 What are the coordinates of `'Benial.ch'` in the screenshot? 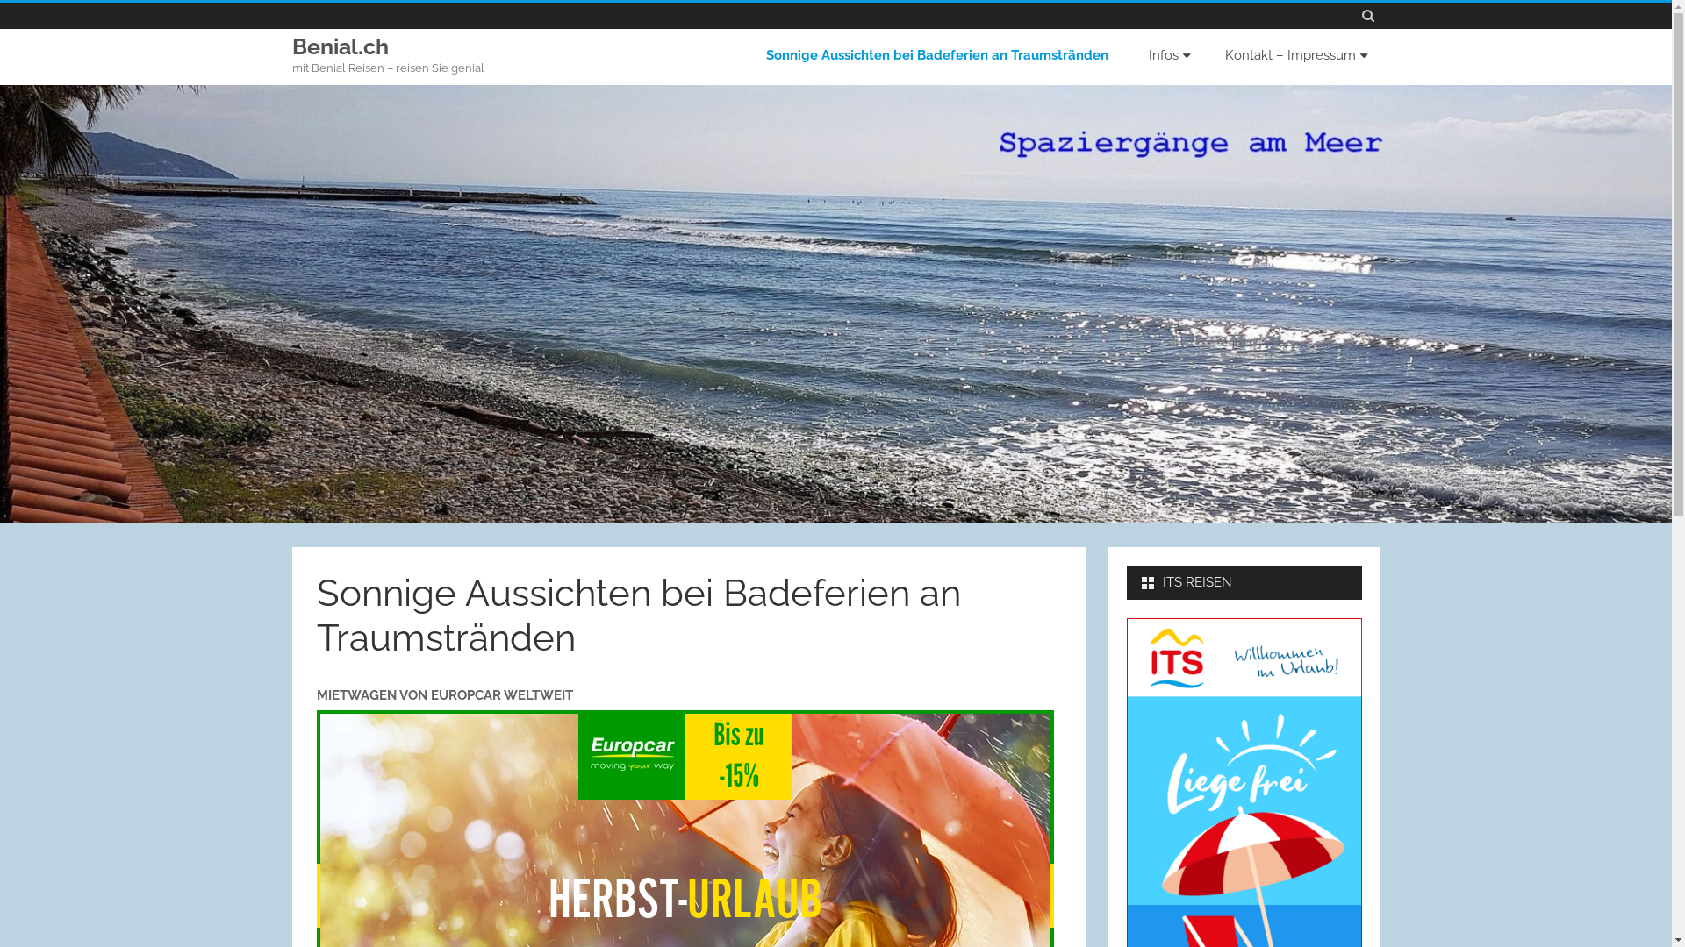 It's located at (340, 46).